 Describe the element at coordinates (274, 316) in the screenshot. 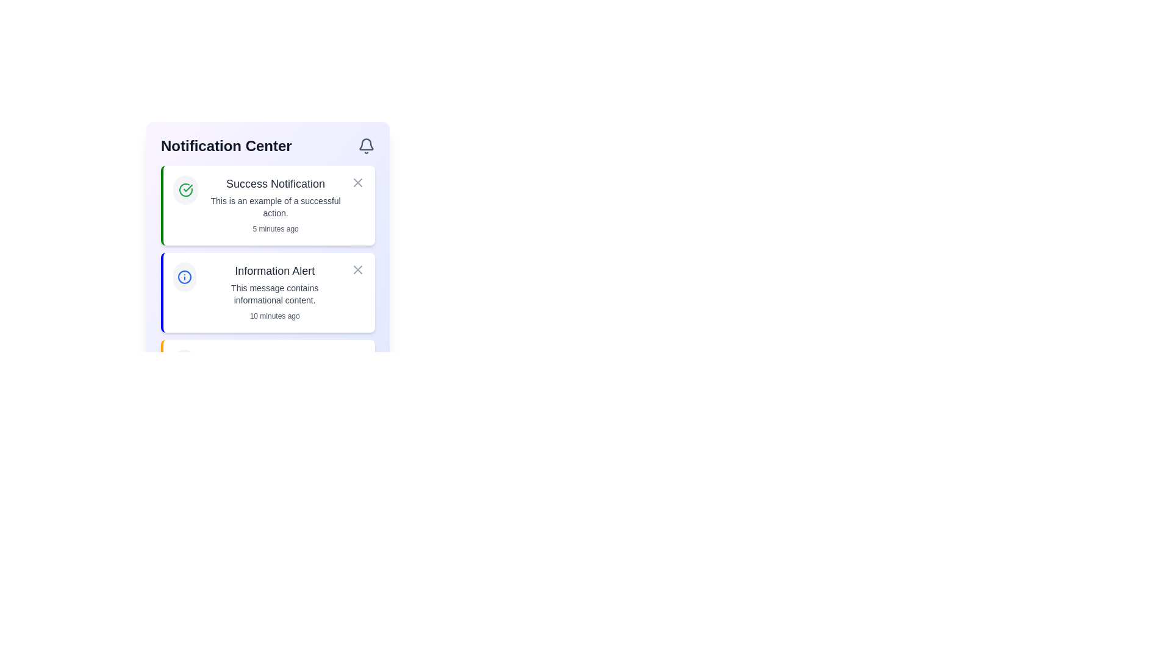

I see `the timestamp text label located at the bottom-right corner of the 'Information Alert' notification area, which indicates when the notification was created or last updated` at that location.